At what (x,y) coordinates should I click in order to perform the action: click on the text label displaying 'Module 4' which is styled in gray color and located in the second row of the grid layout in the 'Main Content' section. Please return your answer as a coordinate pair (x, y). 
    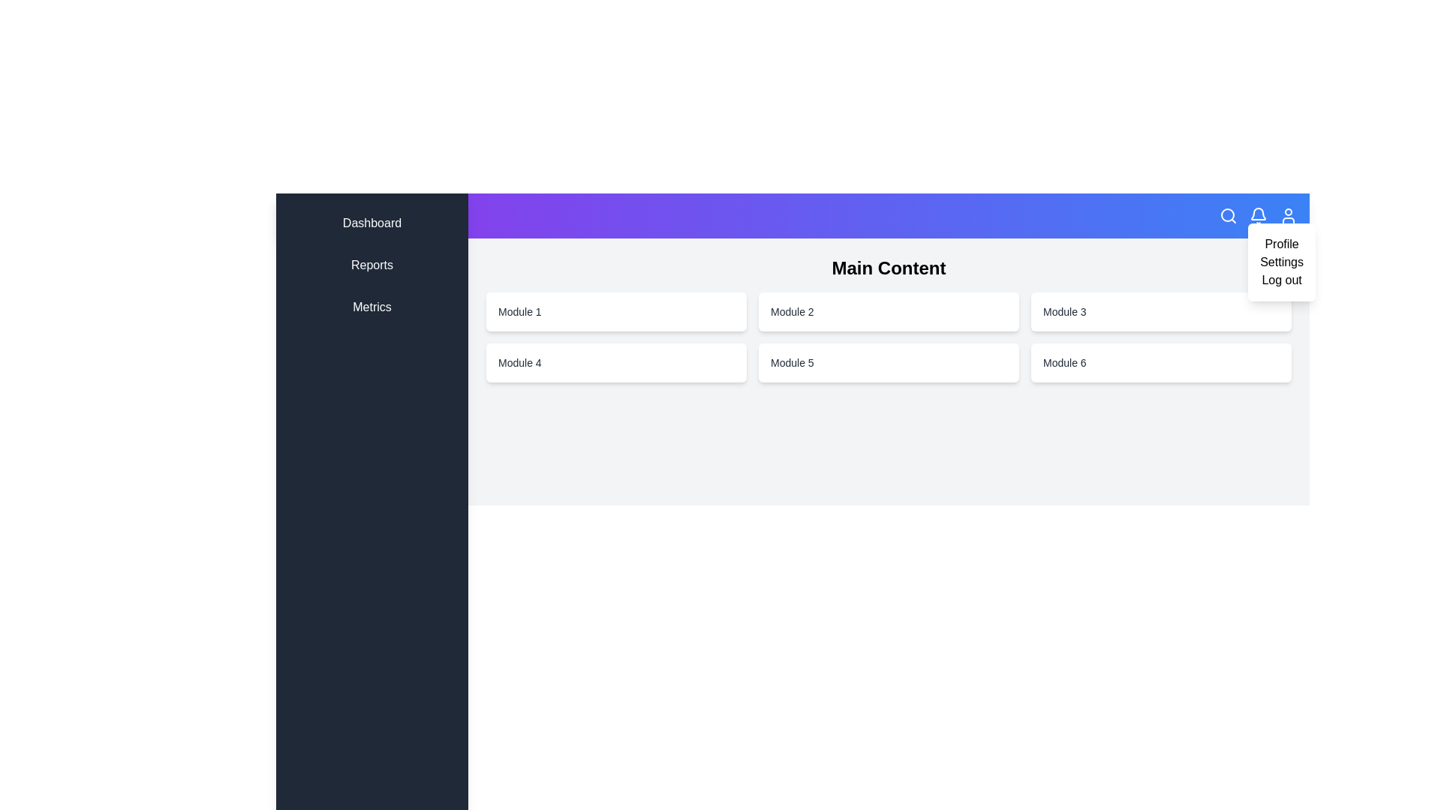
    Looking at the image, I should click on (519, 362).